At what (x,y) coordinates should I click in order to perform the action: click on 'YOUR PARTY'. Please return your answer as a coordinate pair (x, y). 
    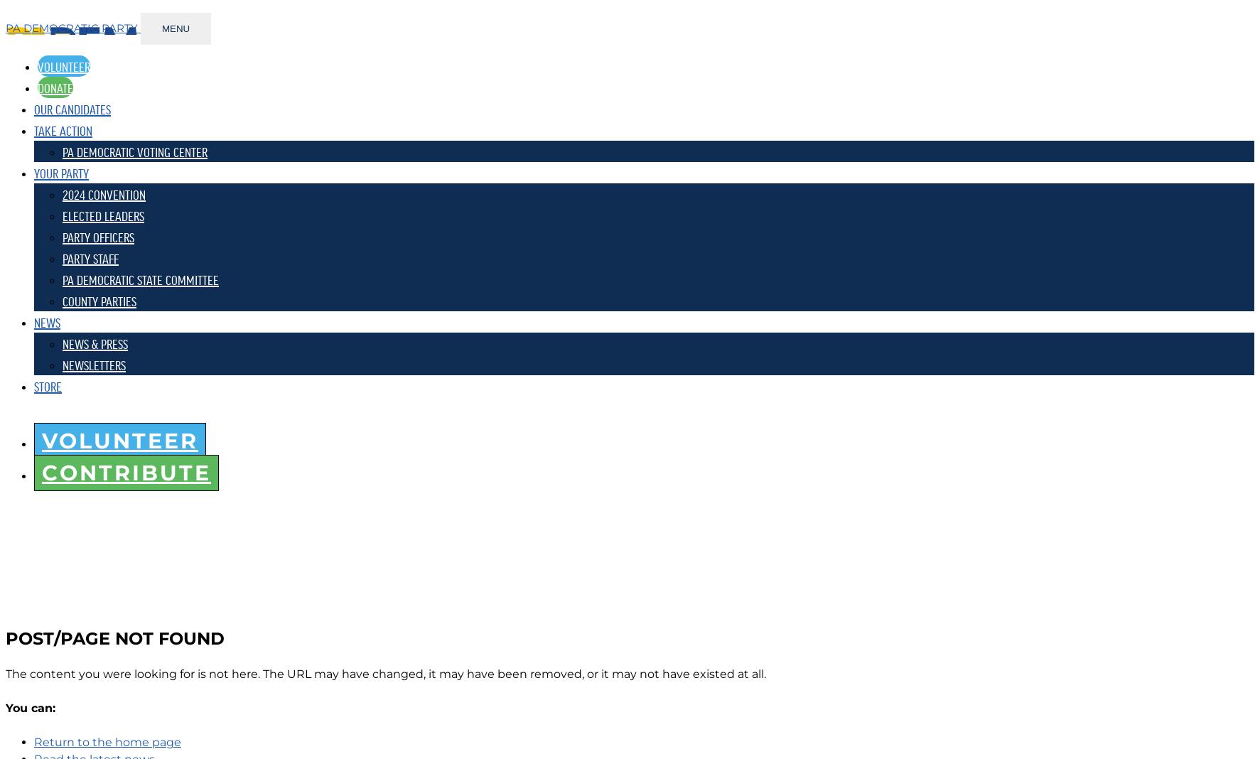
    Looking at the image, I should click on (60, 172).